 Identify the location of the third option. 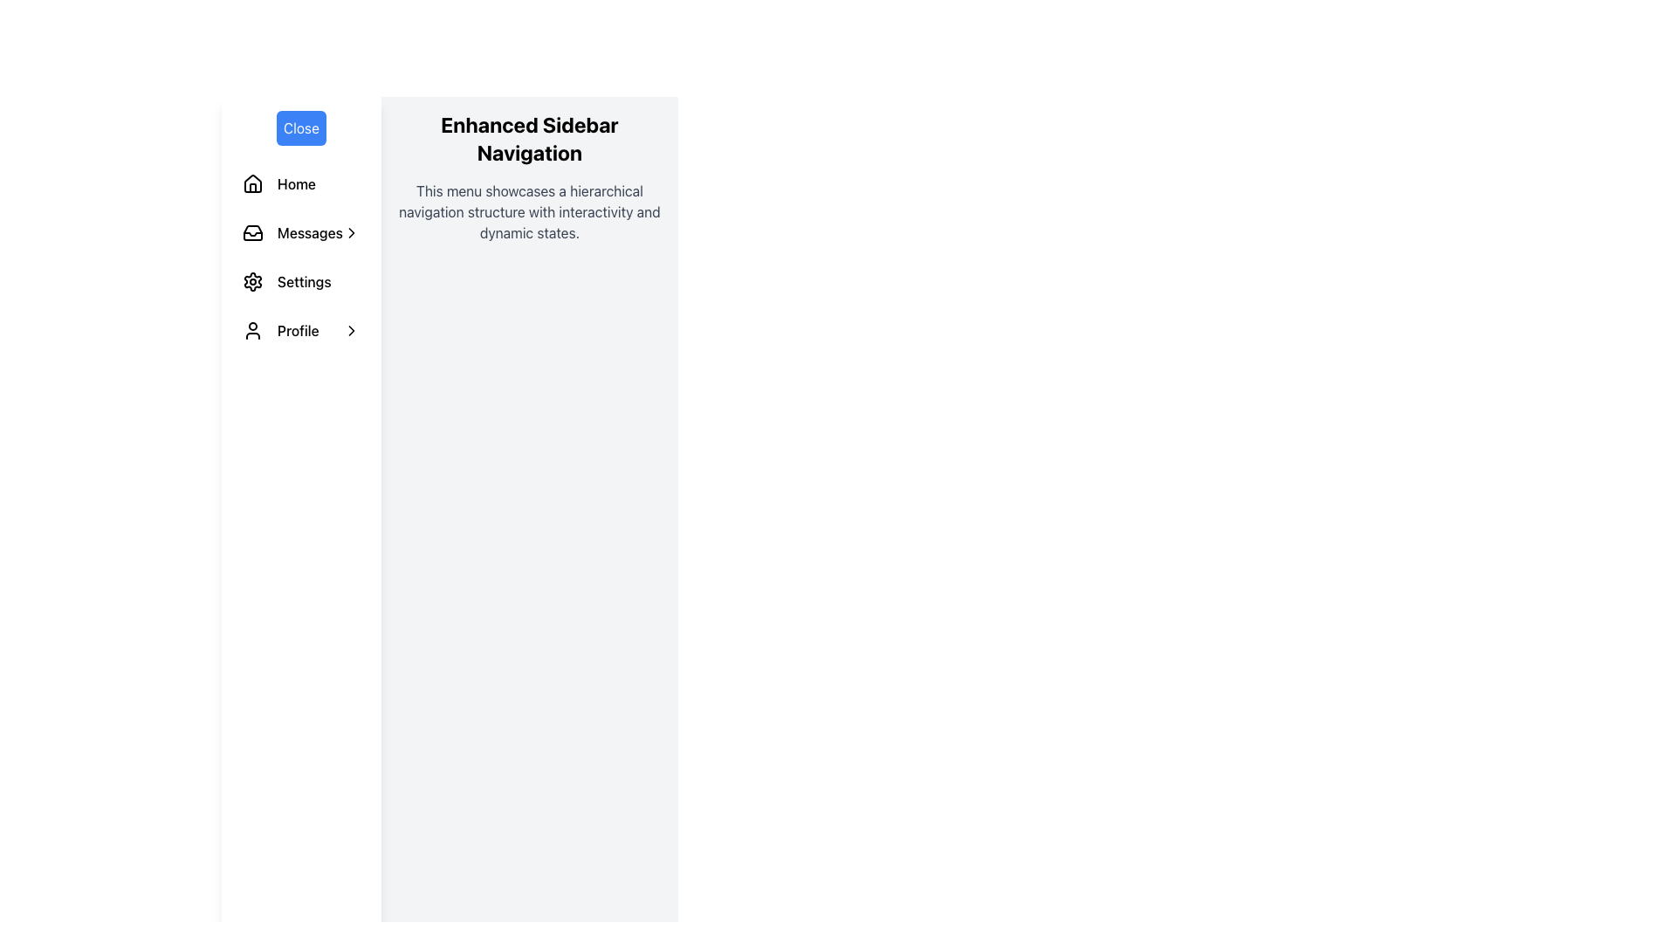
(301, 281).